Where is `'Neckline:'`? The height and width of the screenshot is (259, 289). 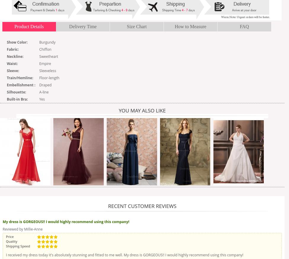
'Neckline:' is located at coordinates (15, 56).